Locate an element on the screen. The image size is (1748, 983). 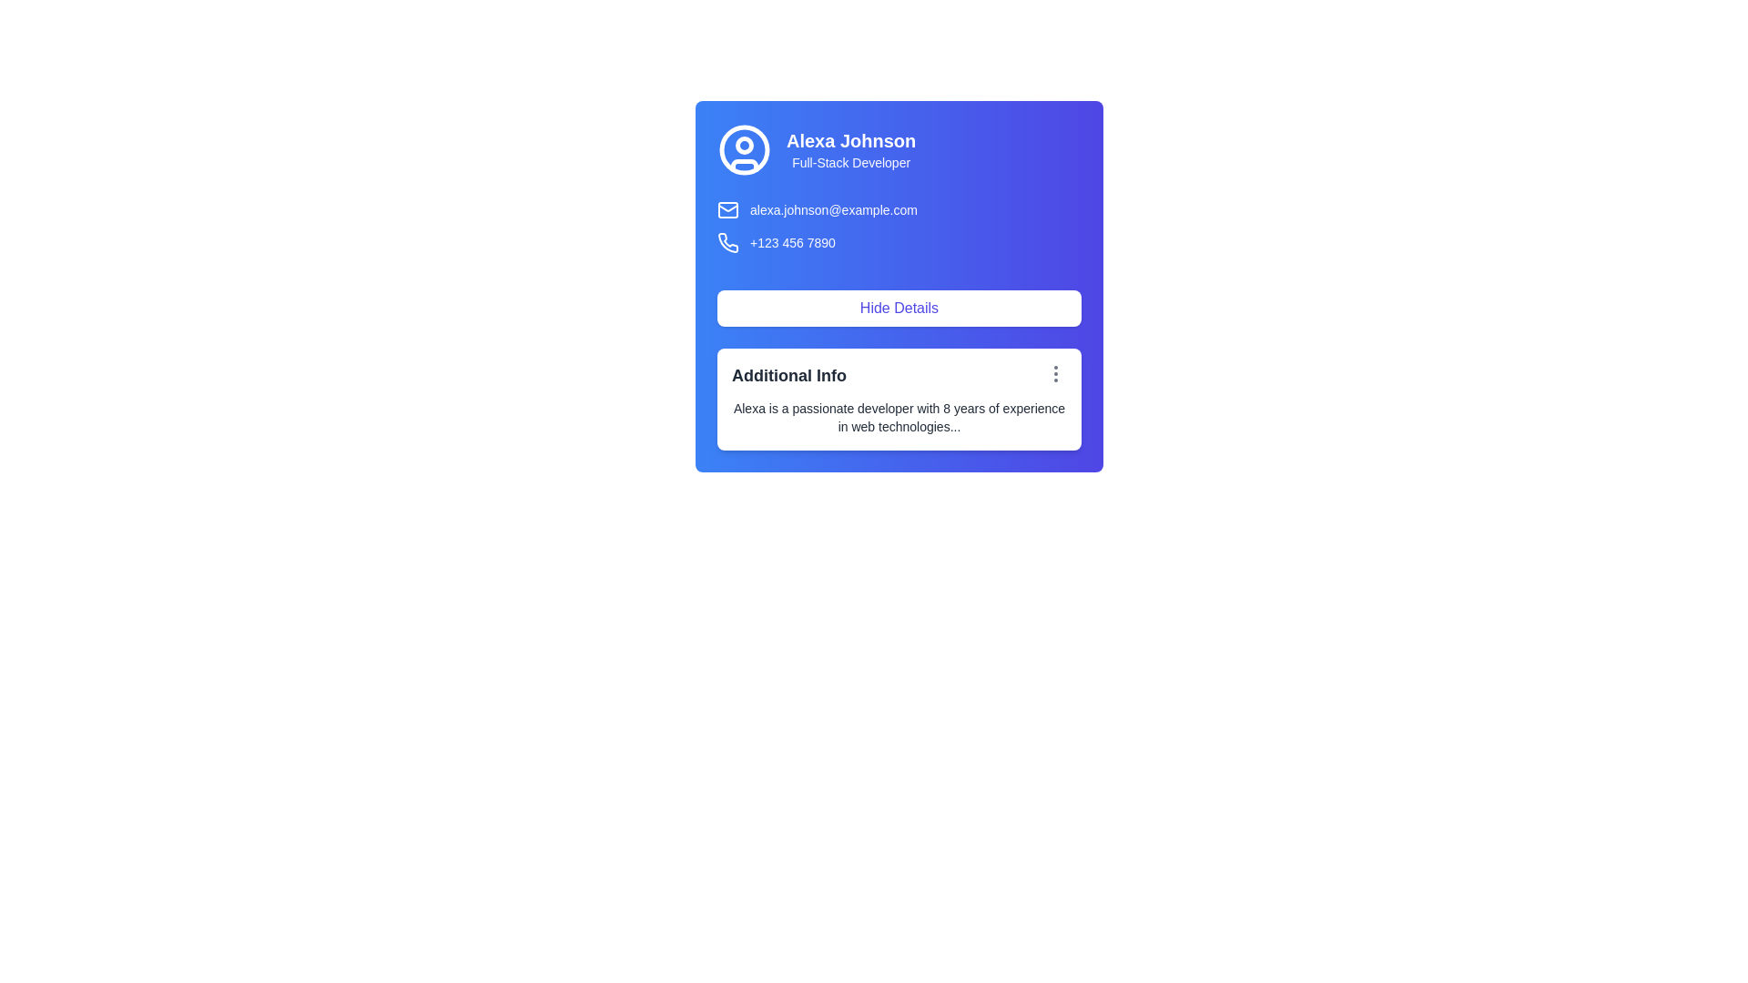
the user profile icon located in the top-left corner of the card component, which serves as an avatar placeholder for 'Alexa Johnson', a Full-Stack Developer is located at coordinates (744, 149).